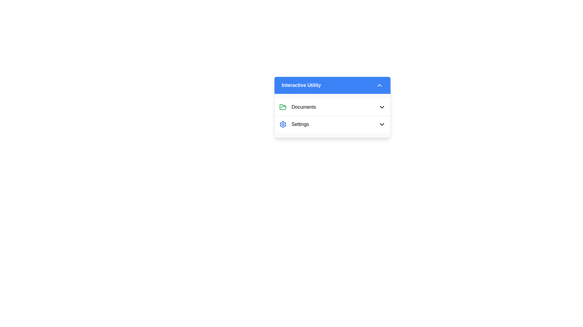 This screenshot has height=327, width=583. What do you see at coordinates (282, 107) in the screenshot?
I see `the 'Documents' icon in the top row of the 'Interactive Utility' dropdown panel, which is the first icon to the left of the text 'Documents'` at bounding box center [282, 107].